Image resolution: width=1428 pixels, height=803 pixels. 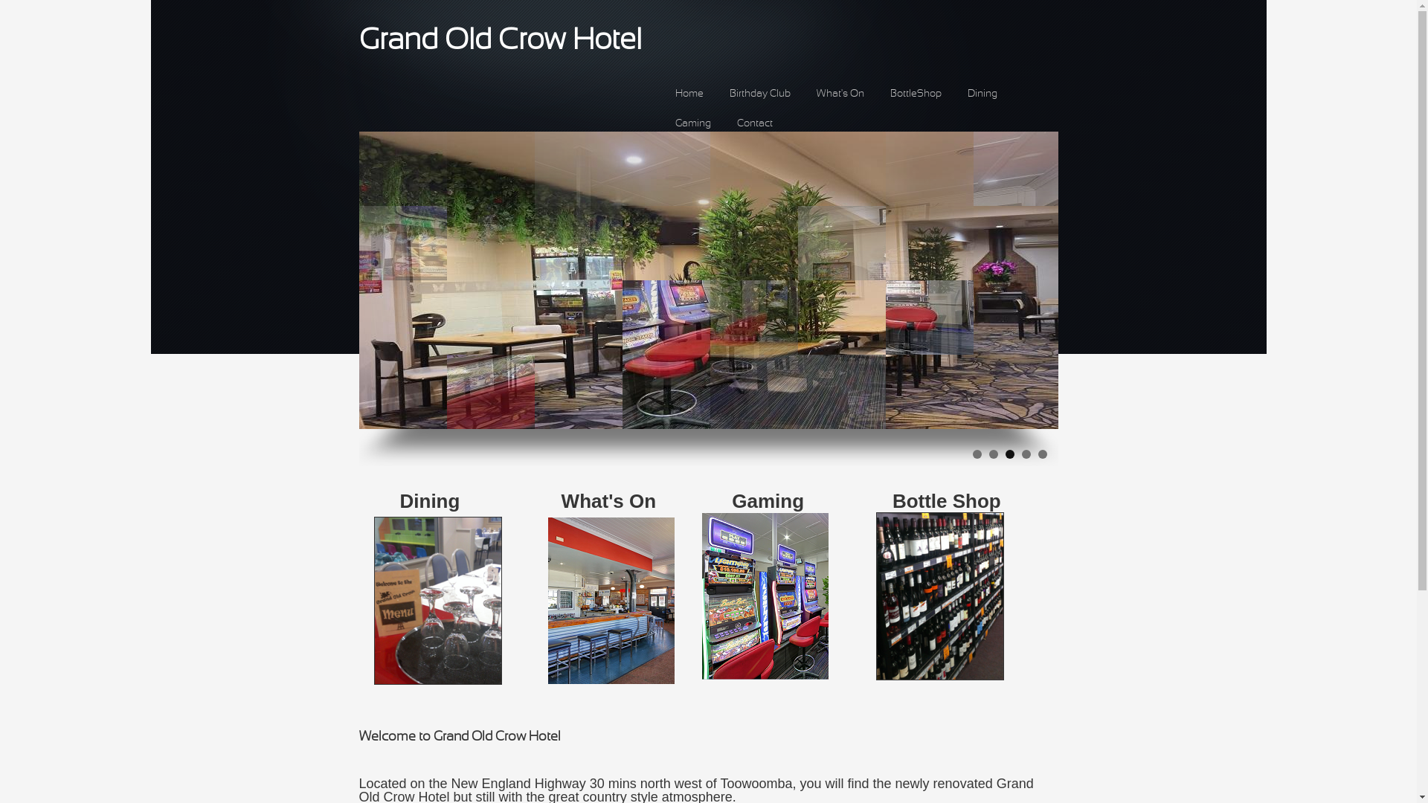 I want to click on '   ', so click(x=504, y=682).